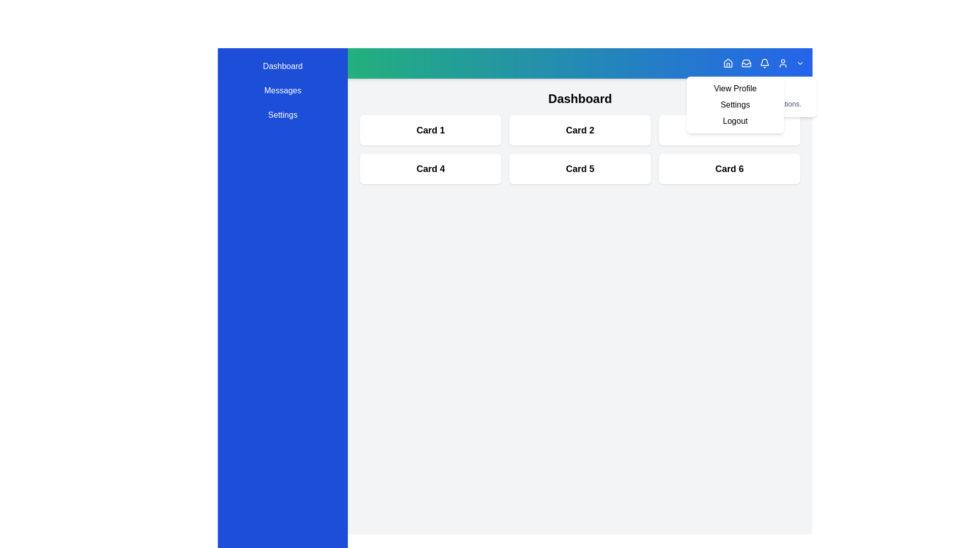 This screenshot has height=548, width=975. What do you see at coordinates (580, 149) in the screenshot?
I see `the card component in the grid layout under the 'Dashboard' title` at bounding box center [580, 149].